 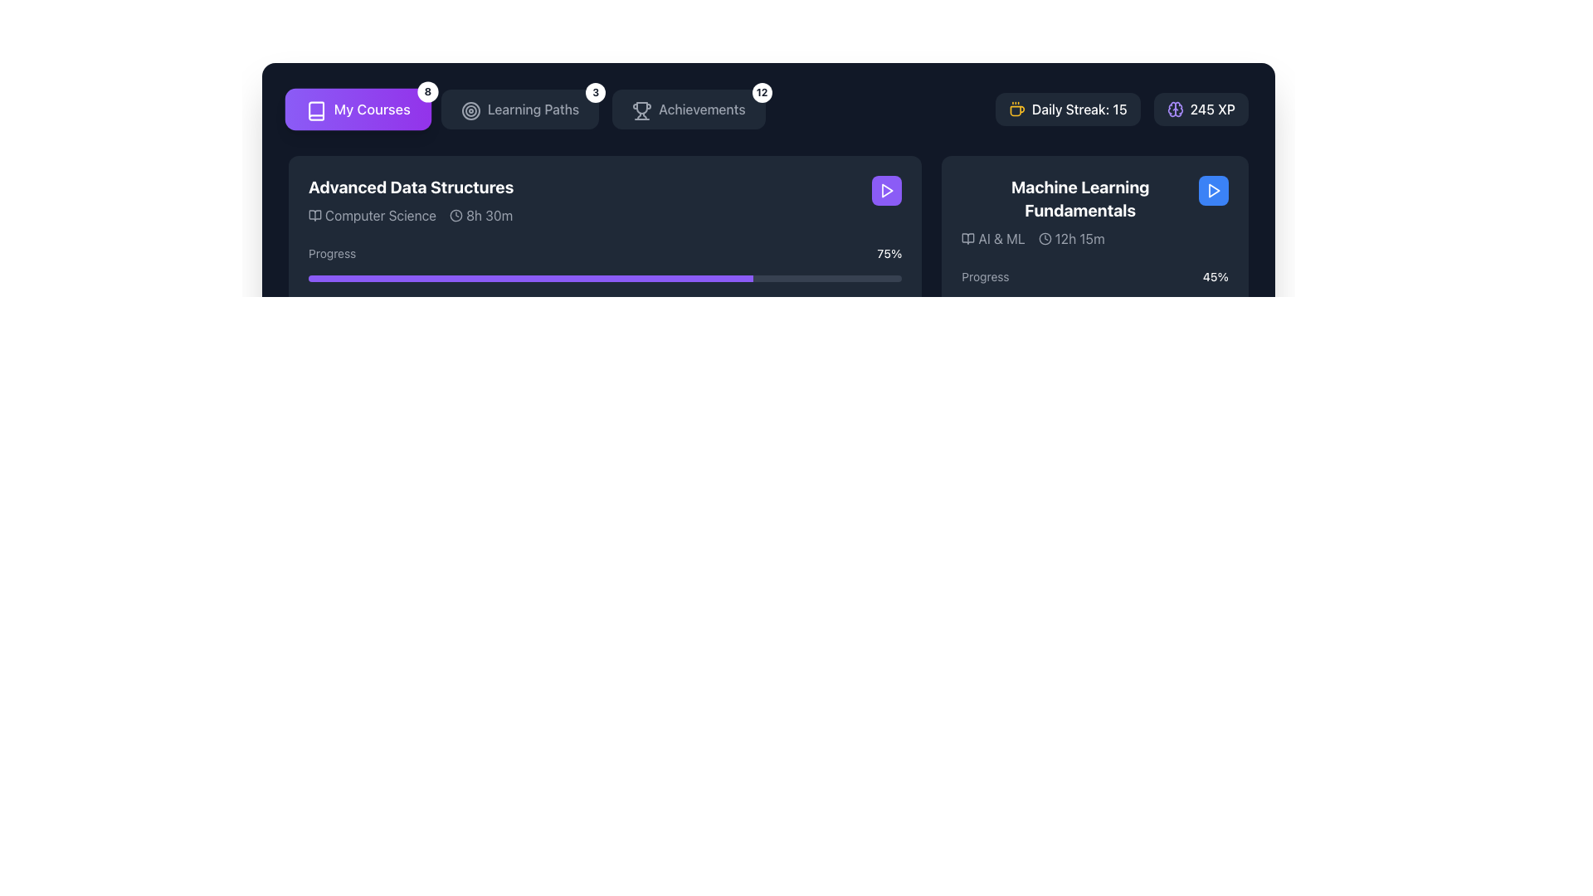 What do you see at coordinates (526, 109) in the screenshot?
I see `the 'Learning Paths' button, which features a circular target icon and is styled with a dark background` at bounding box center [526, 109].